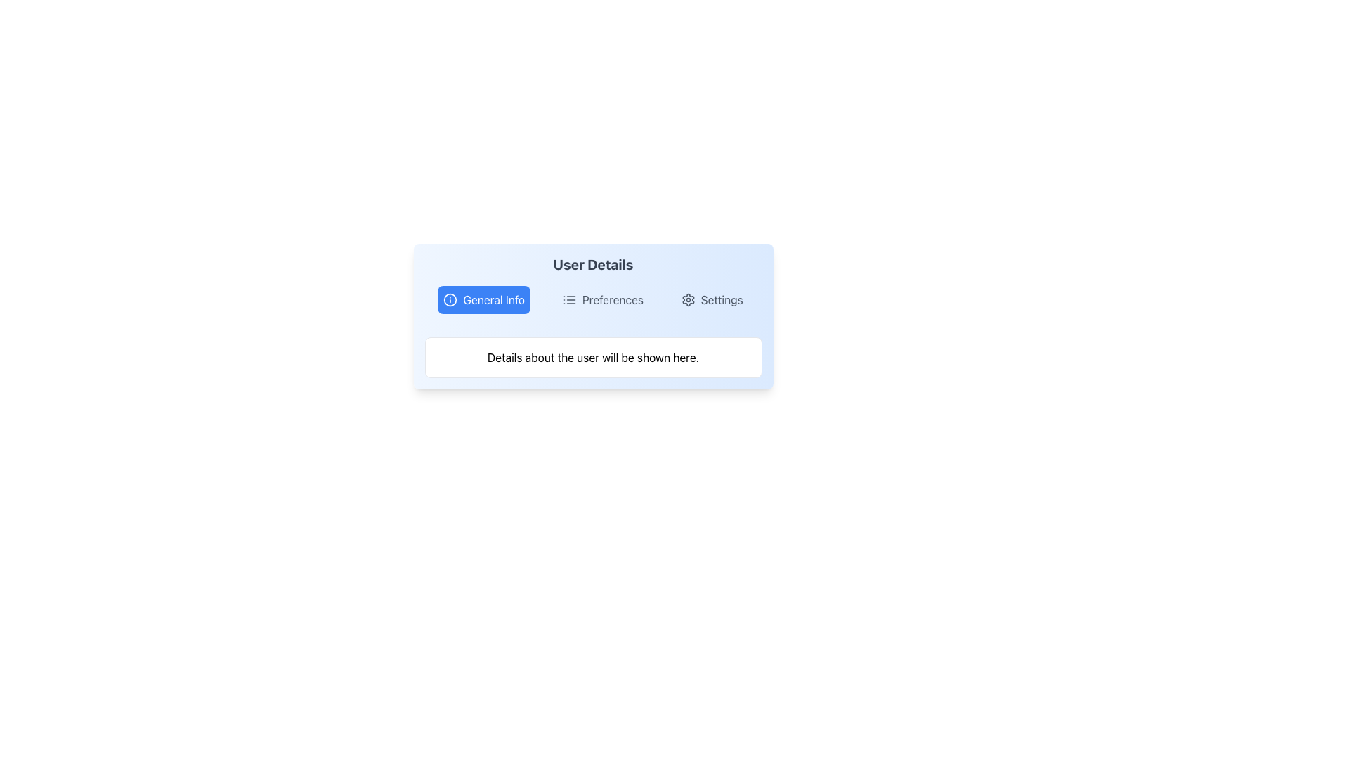 This screenshot has height=759, width=1349. Describe the element at coordinates (450, 299) in the screenshot. I see `the decorative part of the icon next to the 'General Info' label in the navigation bar of the user details interface` at that location.